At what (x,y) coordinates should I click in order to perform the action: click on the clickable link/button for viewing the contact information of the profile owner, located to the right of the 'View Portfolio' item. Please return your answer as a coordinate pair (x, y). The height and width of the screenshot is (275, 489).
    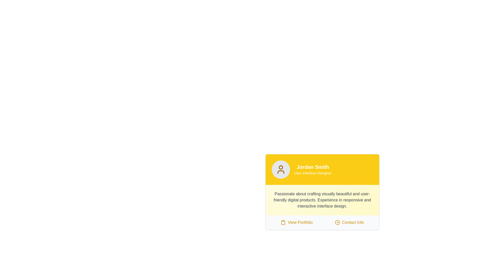
    Looking at the image, I should click on (349, 222).